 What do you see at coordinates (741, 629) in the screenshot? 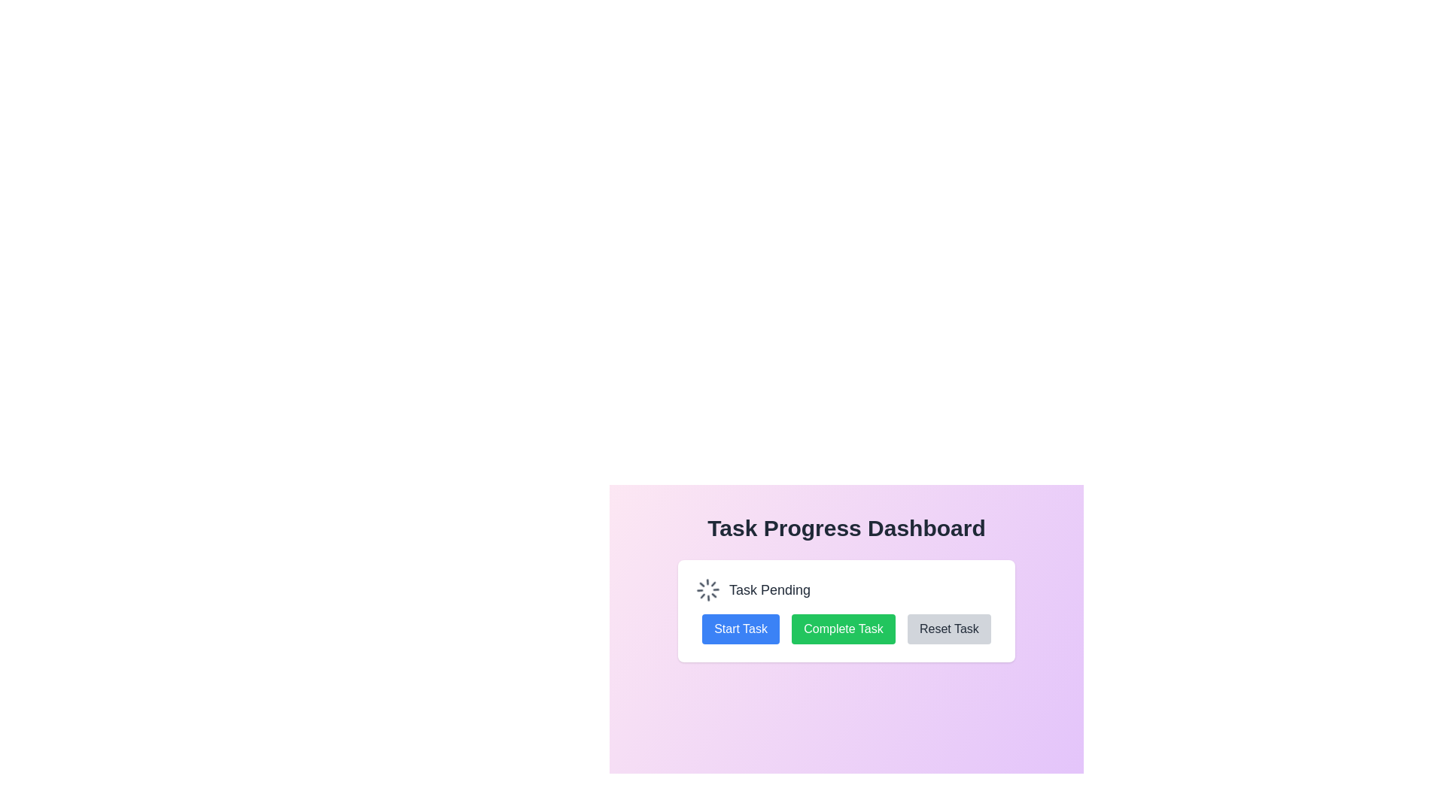
I see `the leftmost button in a row of three buttons` at bounding box center [741, 629].